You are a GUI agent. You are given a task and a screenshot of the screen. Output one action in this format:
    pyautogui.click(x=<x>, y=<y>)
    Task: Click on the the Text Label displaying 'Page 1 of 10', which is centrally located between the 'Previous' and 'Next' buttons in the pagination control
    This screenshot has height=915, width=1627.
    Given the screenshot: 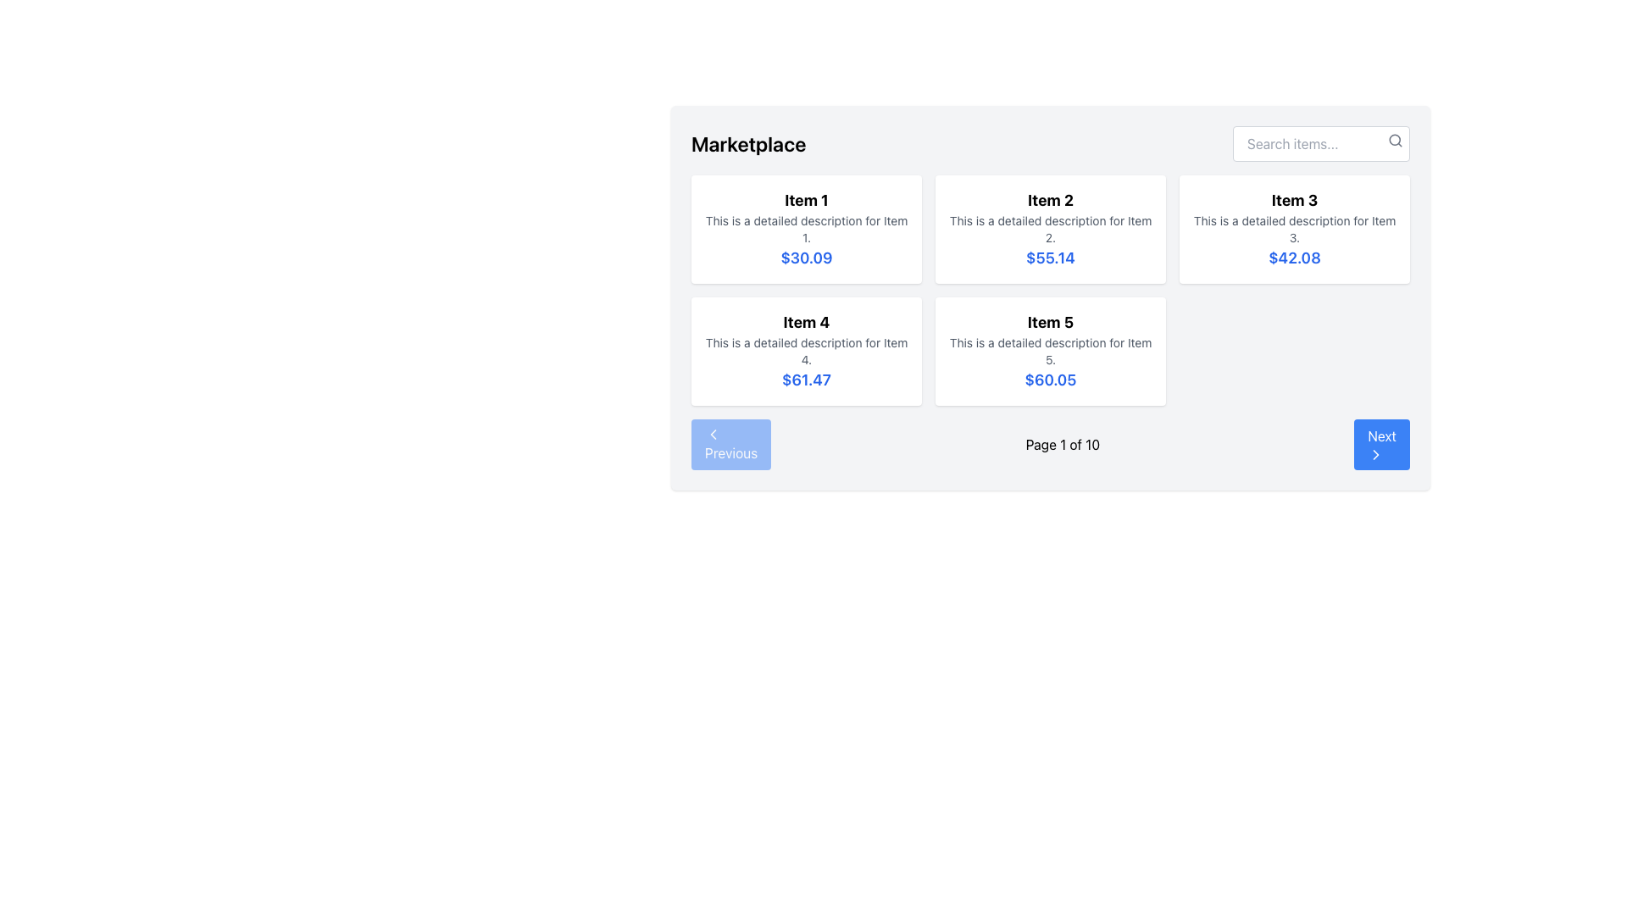 What is the action you would take?
    pyautogui.click(x=1062, y=443)
    